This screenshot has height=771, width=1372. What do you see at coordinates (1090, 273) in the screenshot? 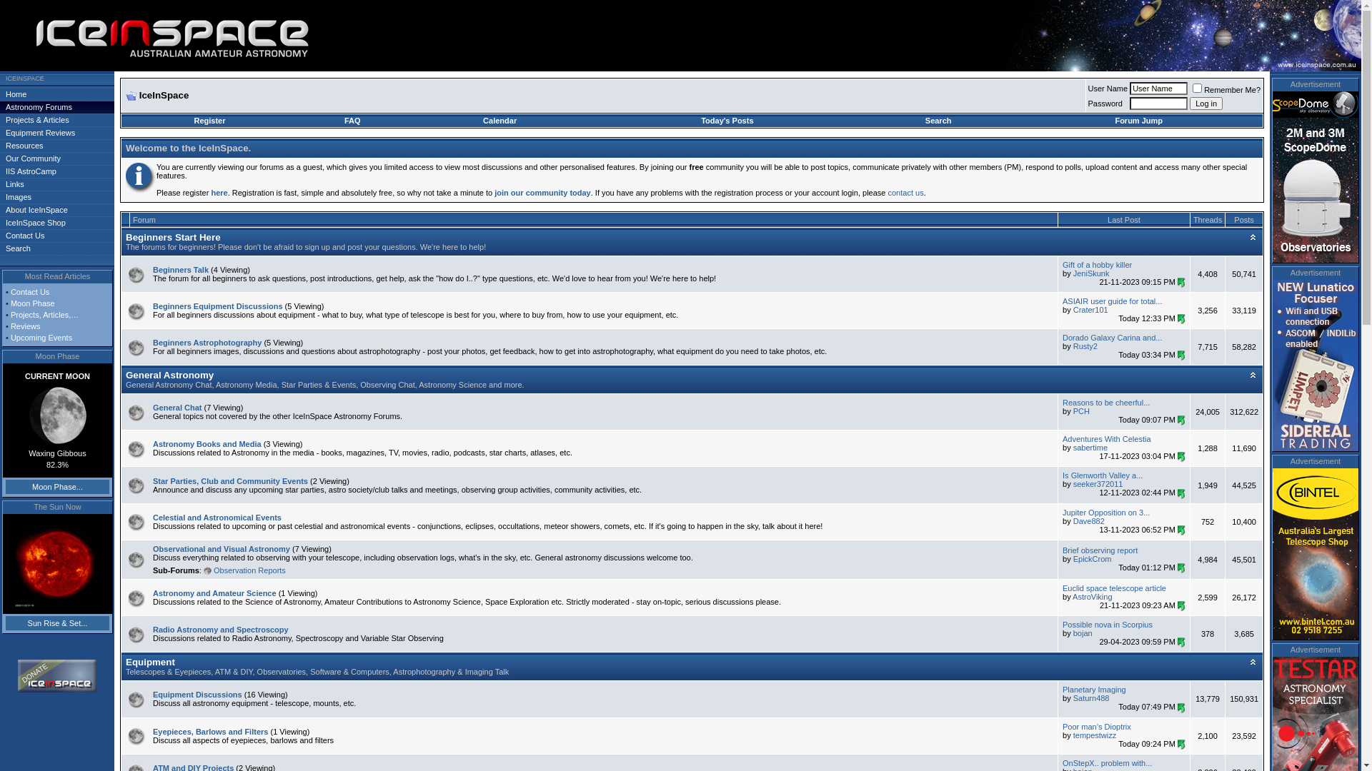
I see `'JeniSkunk'` at bounding box center [1090, 273].